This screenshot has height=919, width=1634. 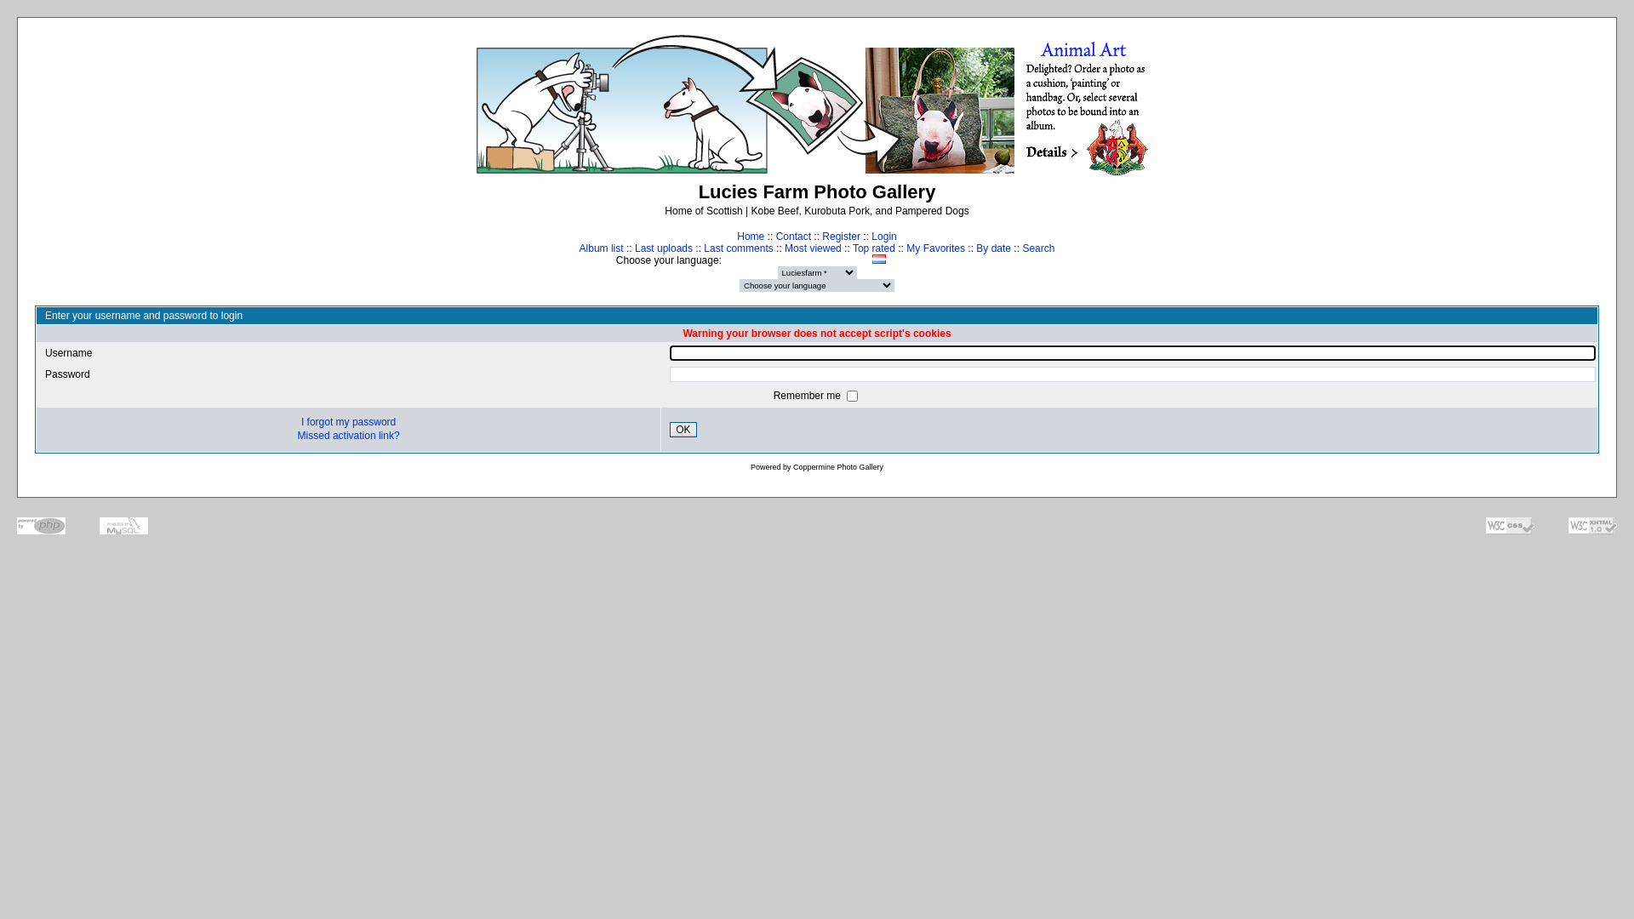 I want to click on 'Most viewed', so click(x=812, y=248).